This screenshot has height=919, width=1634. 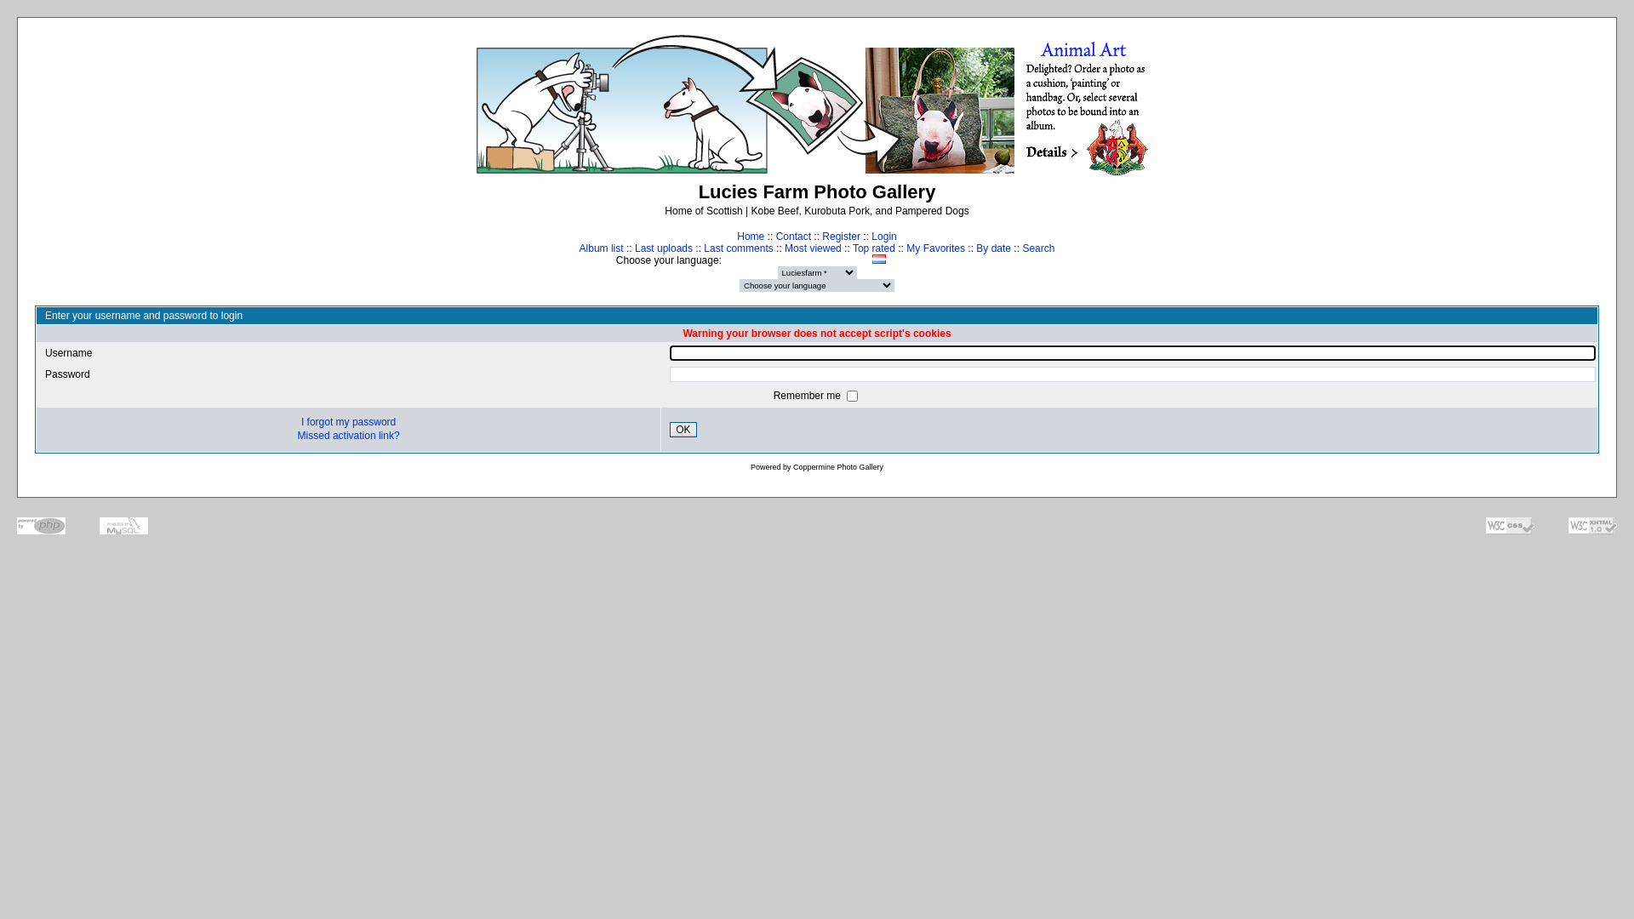 I want to click on 'Most viewed', so click(x=812, y=248).